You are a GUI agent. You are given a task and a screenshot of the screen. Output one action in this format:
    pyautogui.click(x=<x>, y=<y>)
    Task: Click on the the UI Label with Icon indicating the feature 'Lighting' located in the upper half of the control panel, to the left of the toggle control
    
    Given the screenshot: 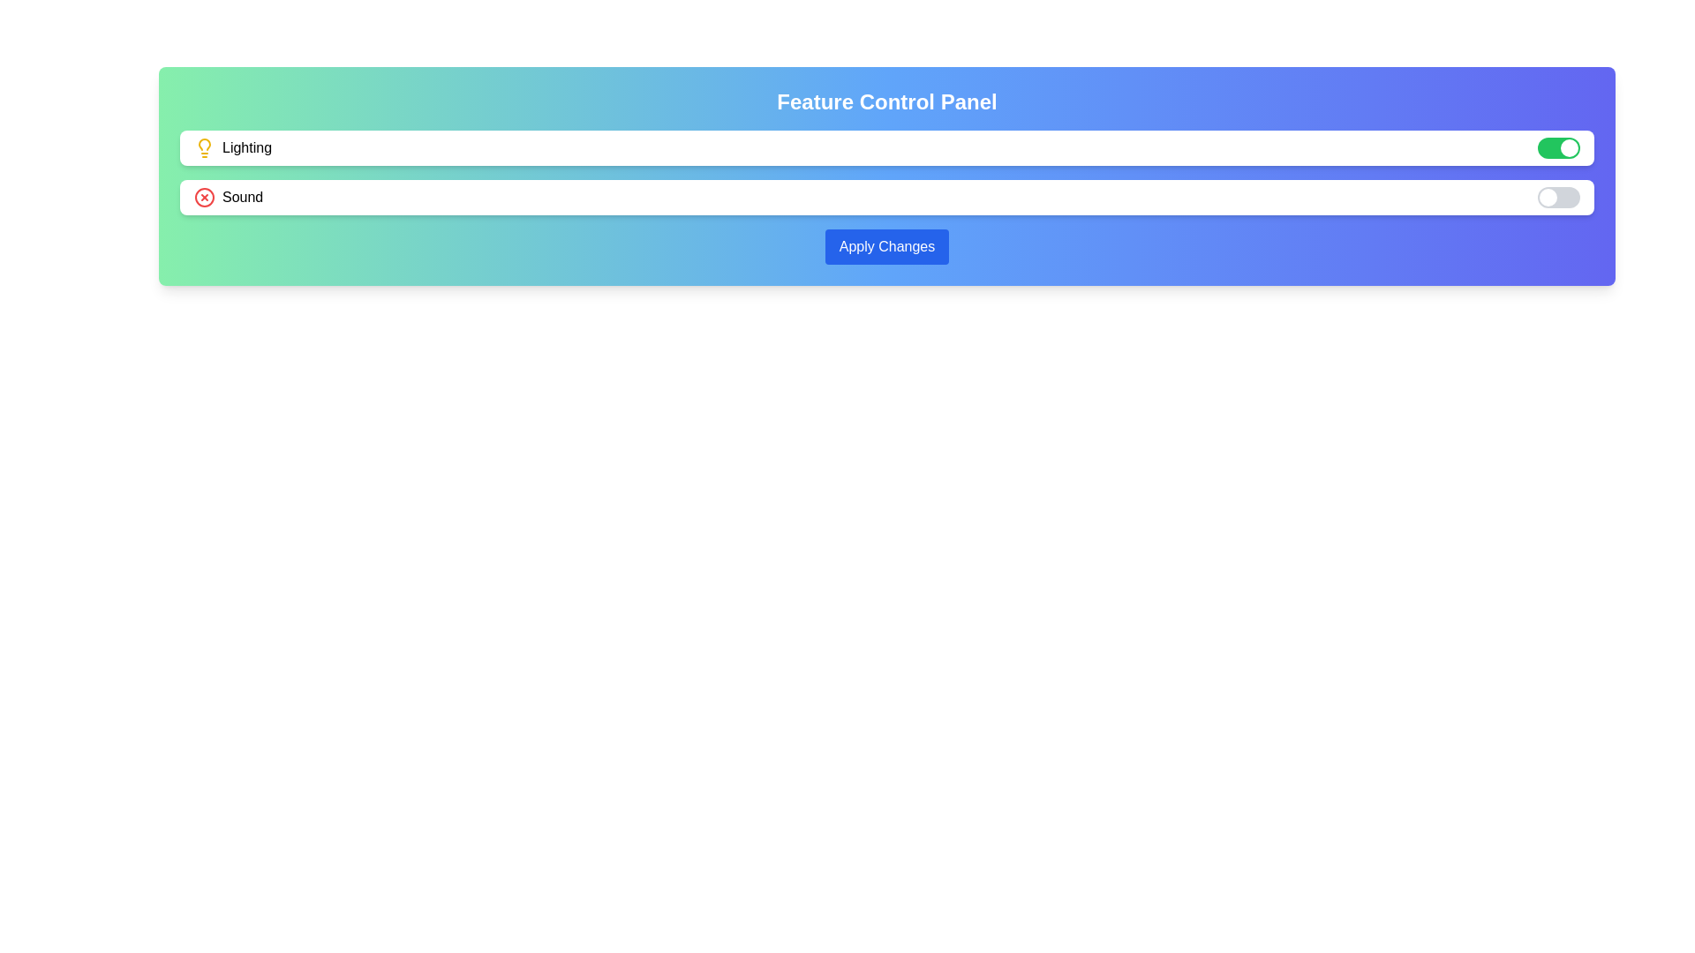 What is the action you would take?
    pyautogui.click(x=232, y=147)
    